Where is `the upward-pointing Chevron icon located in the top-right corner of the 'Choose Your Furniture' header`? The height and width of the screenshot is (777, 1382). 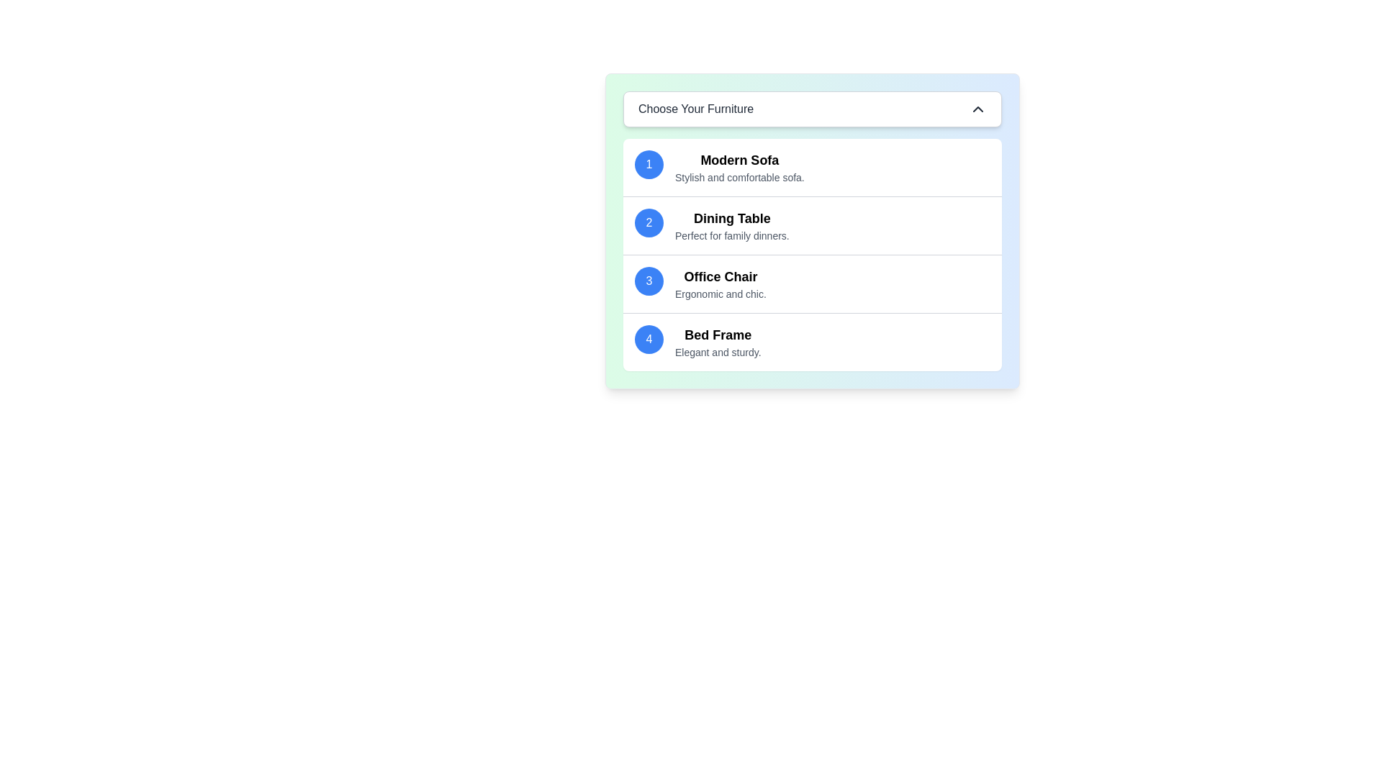
the upward-pointing Chevron icon located in the top-right corner of the 'Choose Your Furniture' header is located at coordinates (977, 108).